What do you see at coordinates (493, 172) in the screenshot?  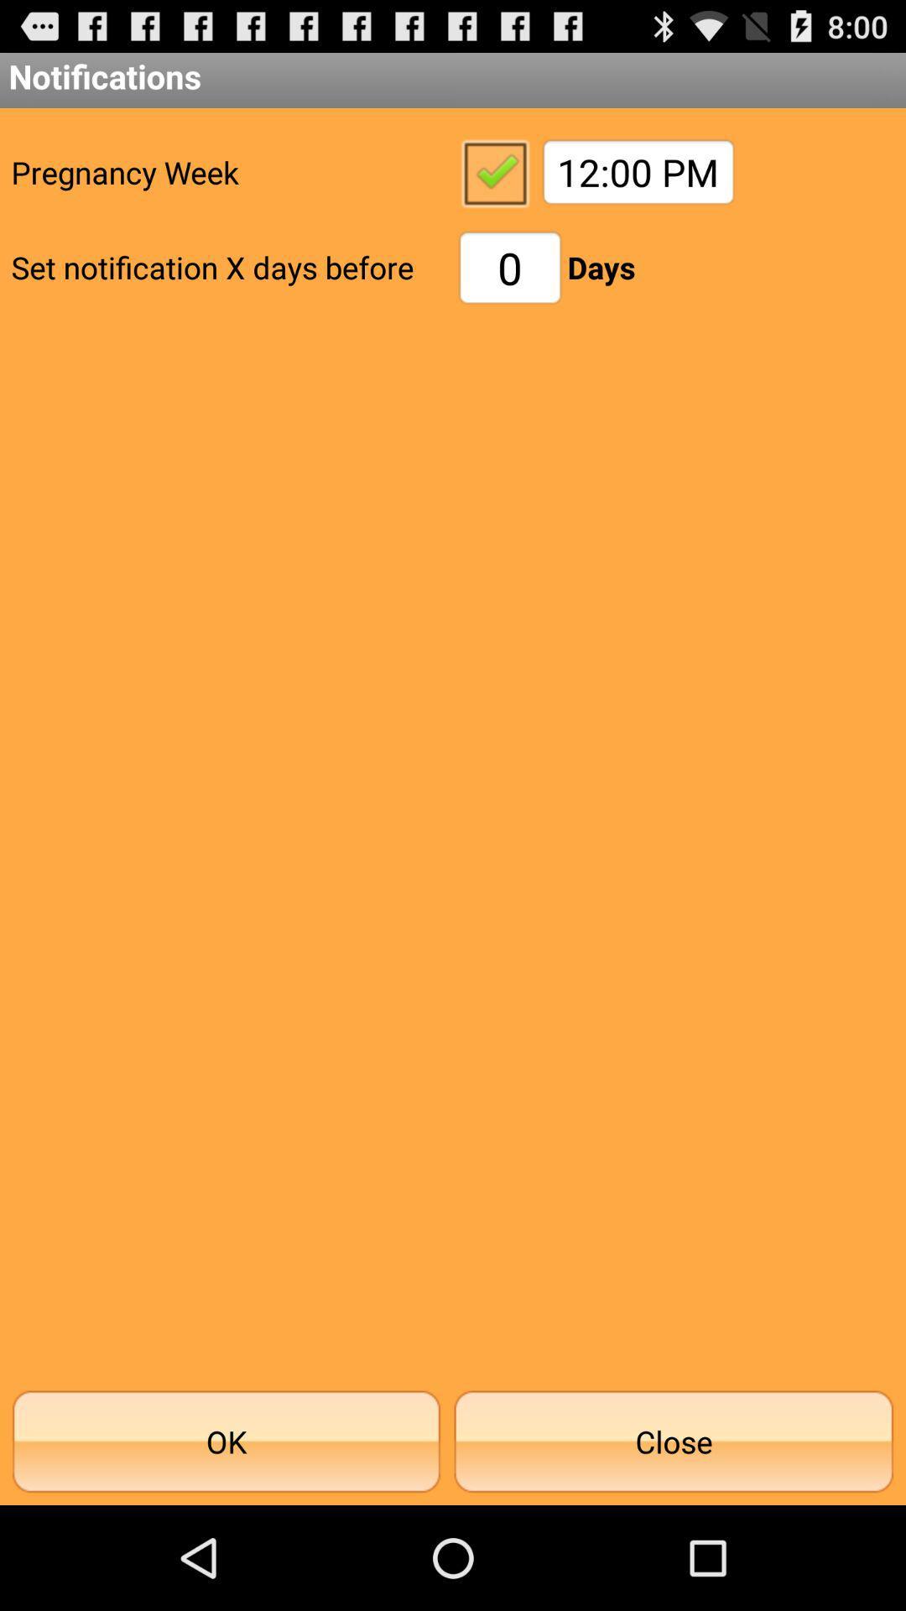 I see `icon to the left of 12:00 pm app` at bounding box center [493, 172].